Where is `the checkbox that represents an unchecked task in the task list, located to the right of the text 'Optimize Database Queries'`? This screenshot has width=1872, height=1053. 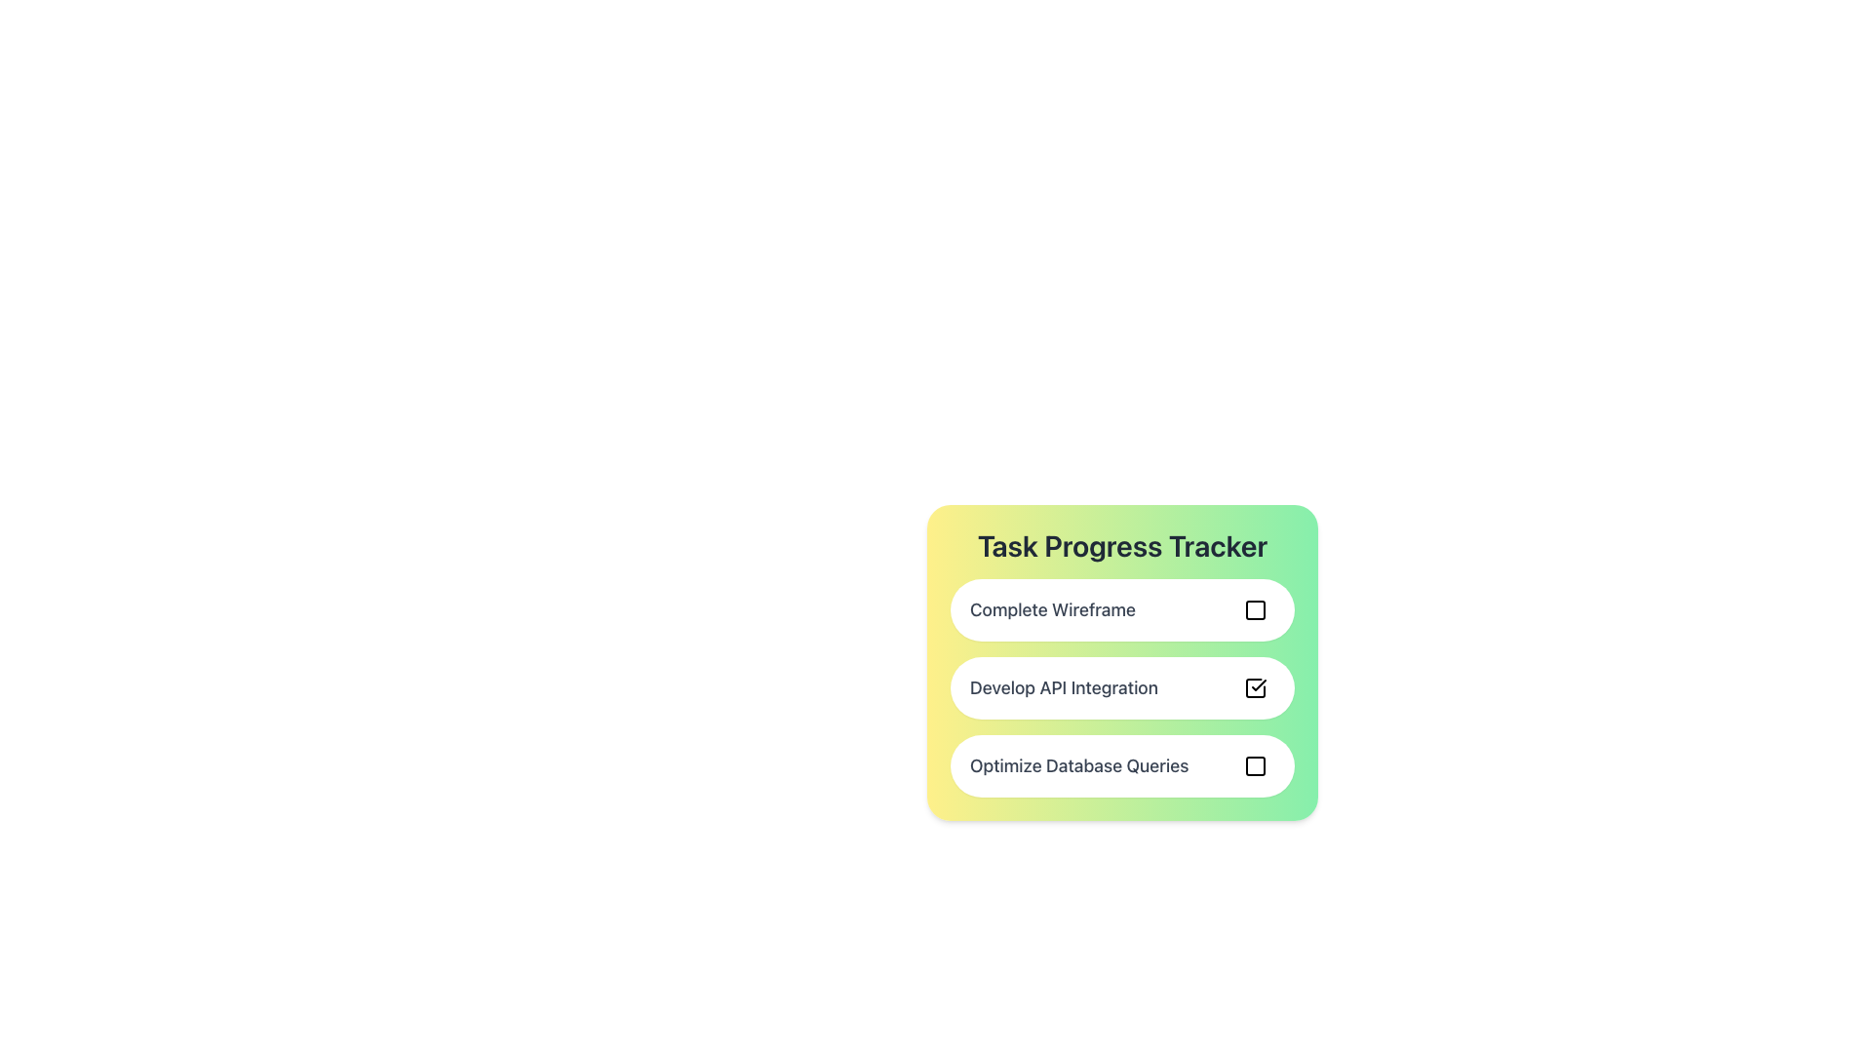 the checkbox that represents an unchecked task in the task list, located to the right of the text 'Optimize Database Queries' is located at coordinates (1255, 765).